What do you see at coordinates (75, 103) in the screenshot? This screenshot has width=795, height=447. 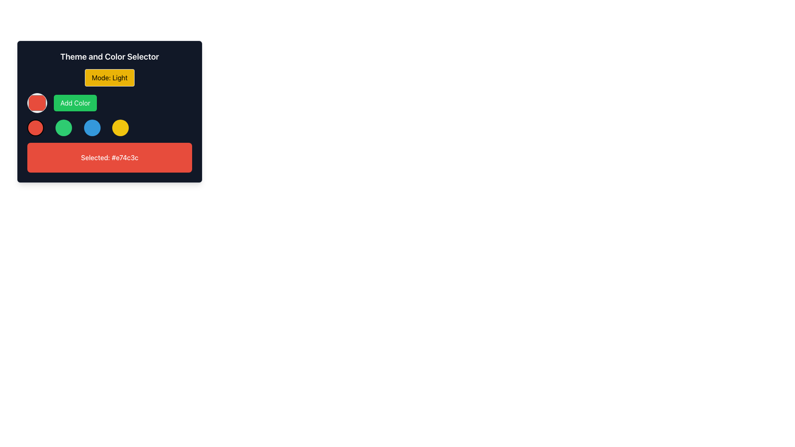 I see `the green rectangular 'Add Color' button located to the right of the red circular color swatch in the dark-themed interface` at bounding box center [75, 103].